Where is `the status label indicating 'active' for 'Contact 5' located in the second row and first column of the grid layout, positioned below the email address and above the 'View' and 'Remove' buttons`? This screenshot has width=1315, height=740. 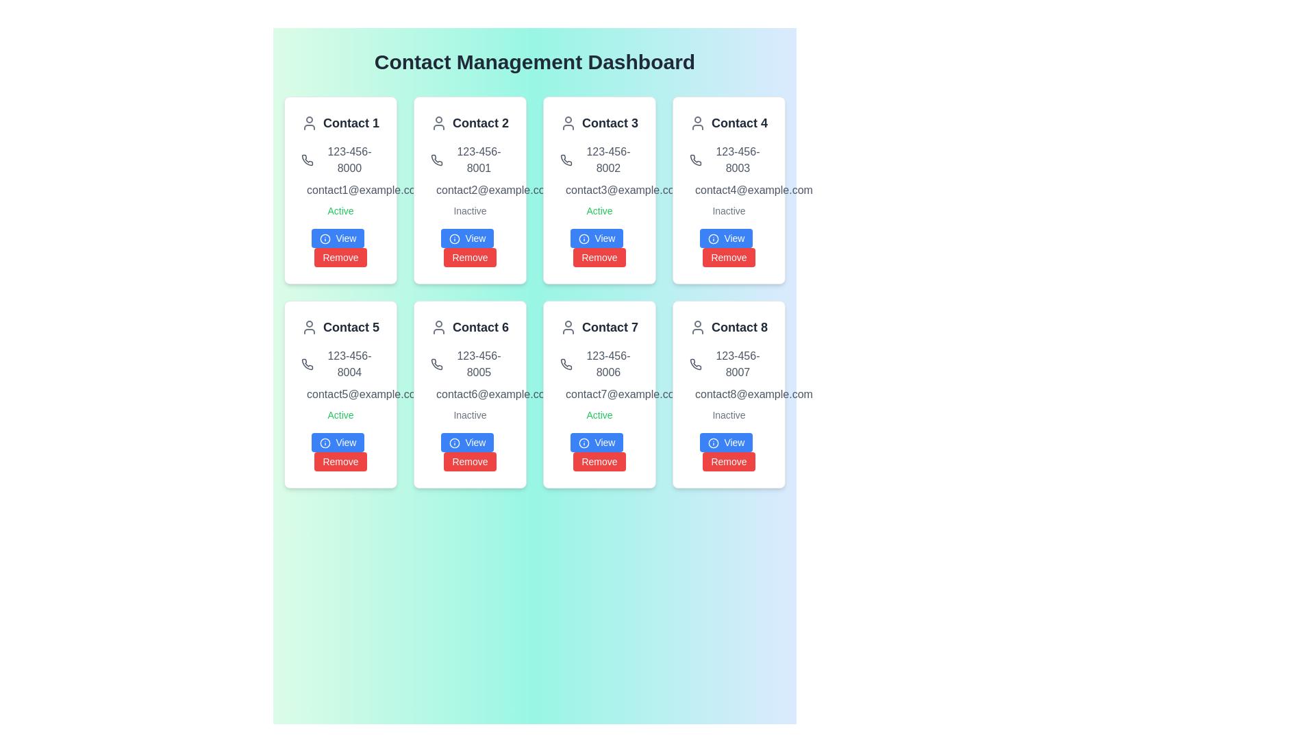 the status label indicating 'active' for 'Contact 5' located in the second row and first column of the grid layout, positioned below the email address and above the 'View' and 'Remove' buttons is located at coordinates (340, 414).